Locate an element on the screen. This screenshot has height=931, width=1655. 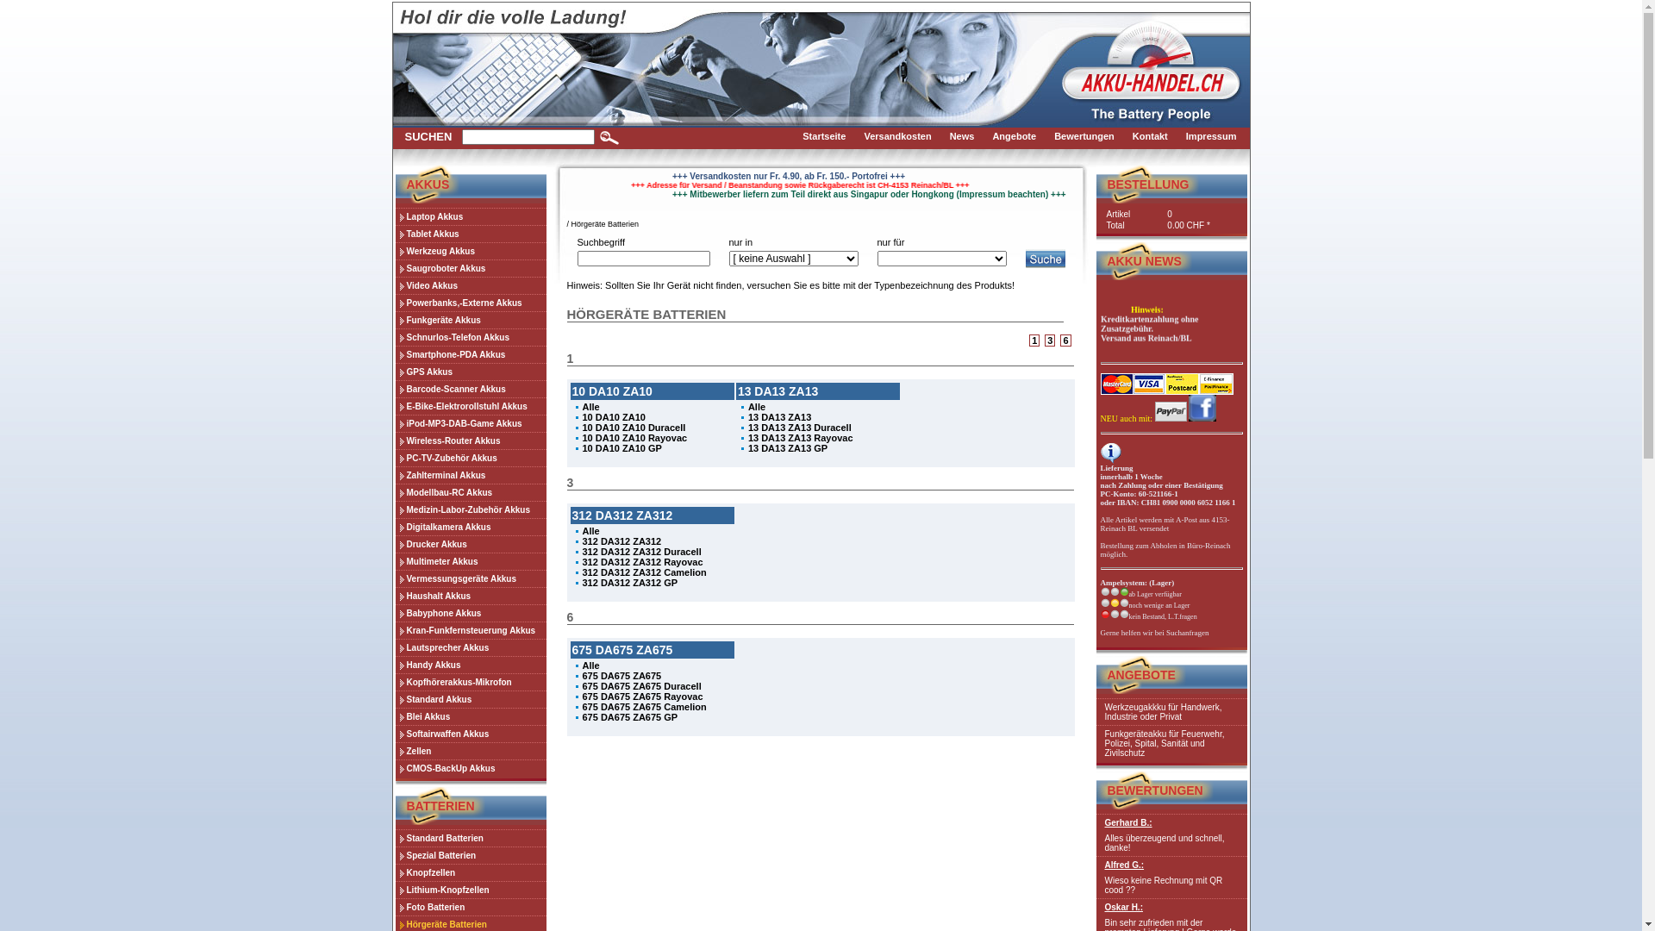
'675 DA675 ZA675 Camelion' is located at coordinates (644, 707).